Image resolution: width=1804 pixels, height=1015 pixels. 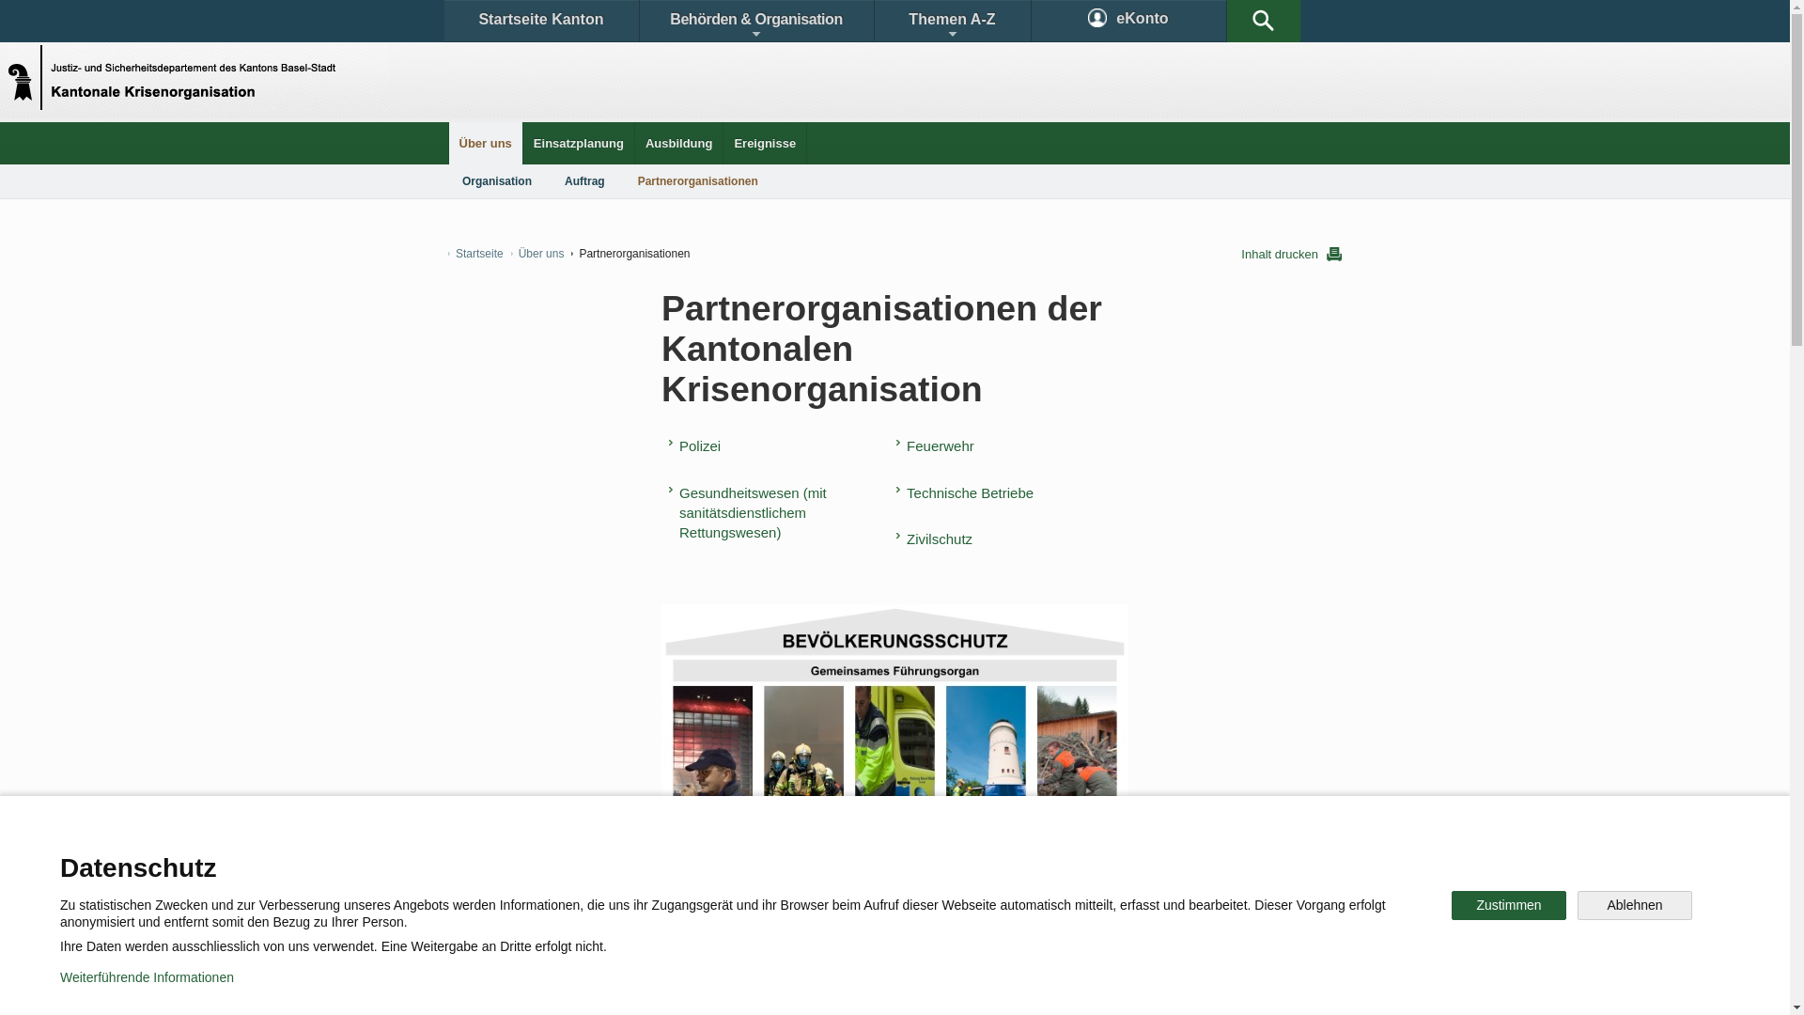 I want to click on 'eKonto', so click(x=1127, y=21).